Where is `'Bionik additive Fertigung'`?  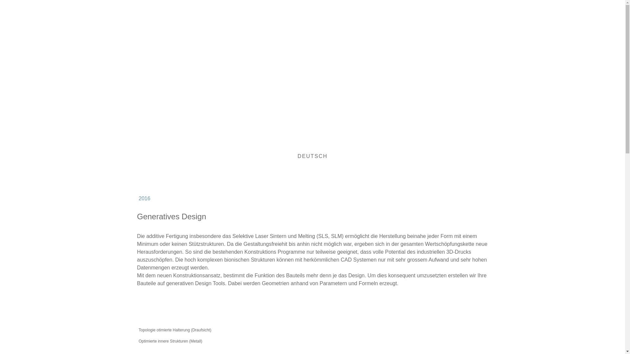
'Bionik additive Fertigung' is located at coordinates (248, 68).